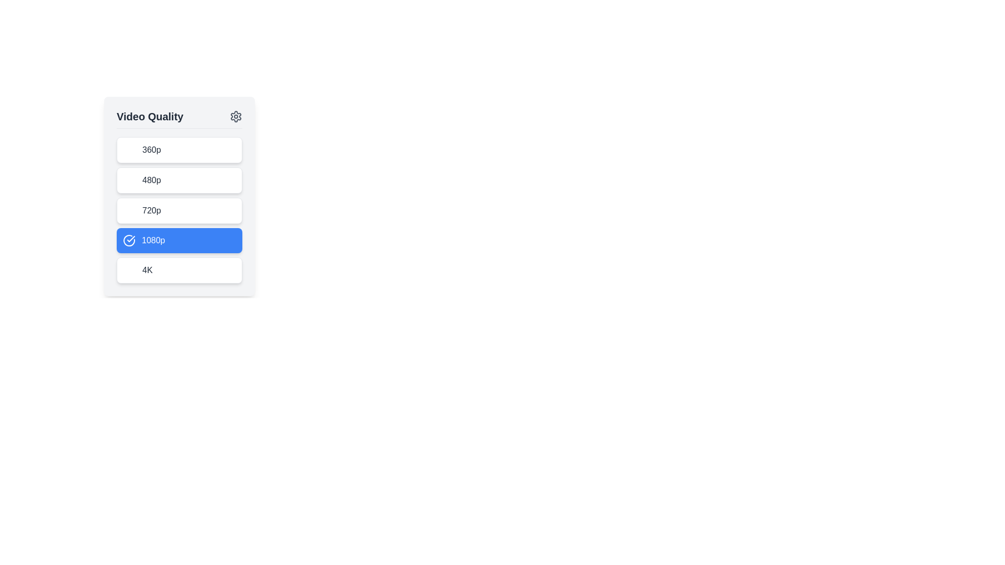  What do you see at coordinates (179, 150) in the screenshot?
I see `the interactive button that allows the user to select the video quality of '360p', which is the first option in the 'Video Quality' section` at bounding box center [179, 150].